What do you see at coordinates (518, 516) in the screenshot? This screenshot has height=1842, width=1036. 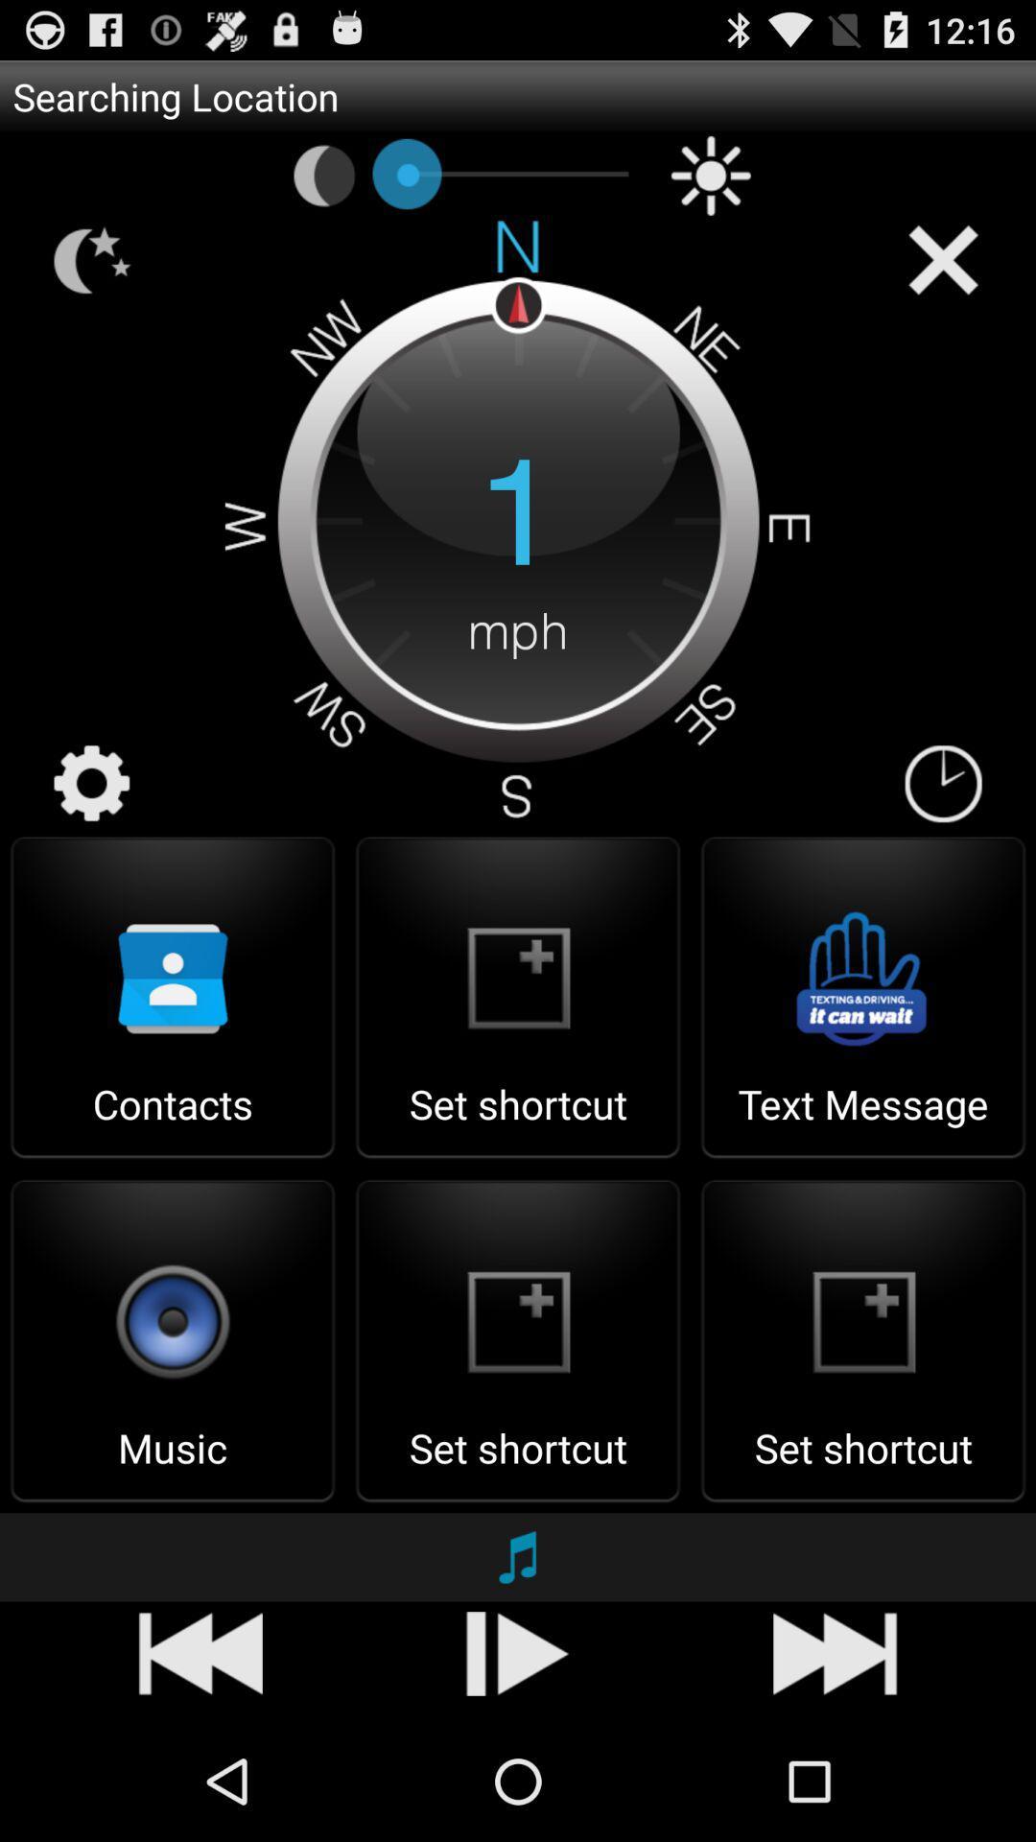 I see `the 1` at bounding box center [518, 516].